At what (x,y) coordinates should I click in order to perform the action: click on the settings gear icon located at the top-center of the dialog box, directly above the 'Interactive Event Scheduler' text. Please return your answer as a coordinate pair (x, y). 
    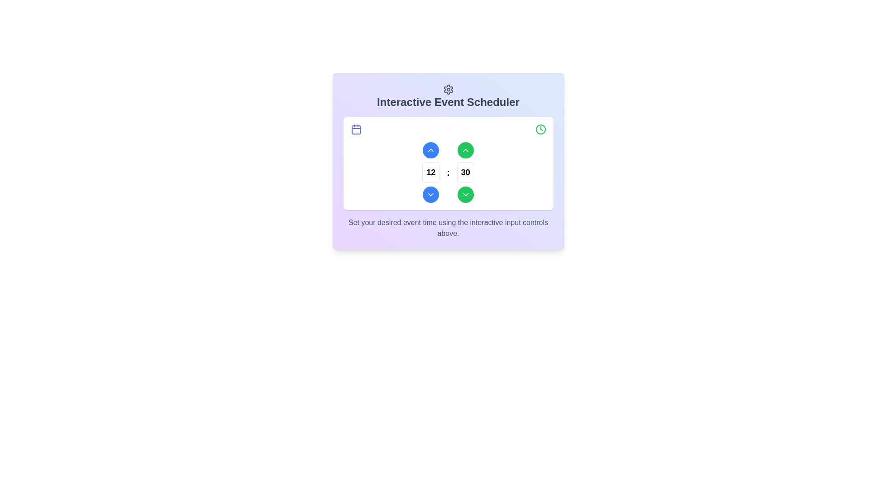
    Looking at the image, I should click on (448, 89).